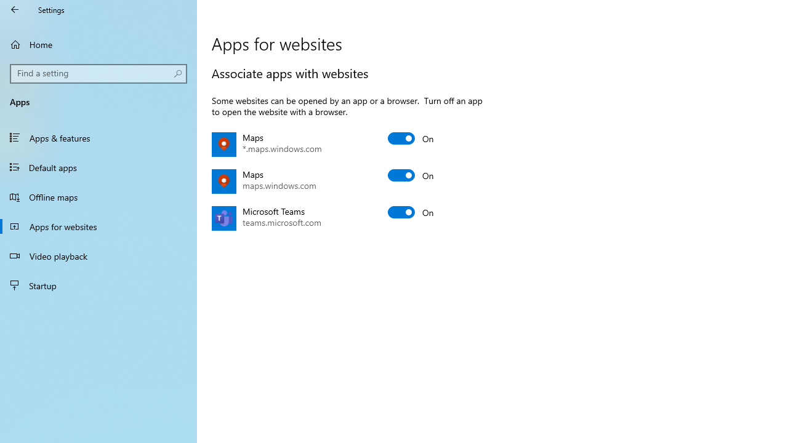 The width and height of the screenshot is (788, 443). Describe the element at coordinates (98, 255) in the screenshot. I see `'Video playback'` at that location.